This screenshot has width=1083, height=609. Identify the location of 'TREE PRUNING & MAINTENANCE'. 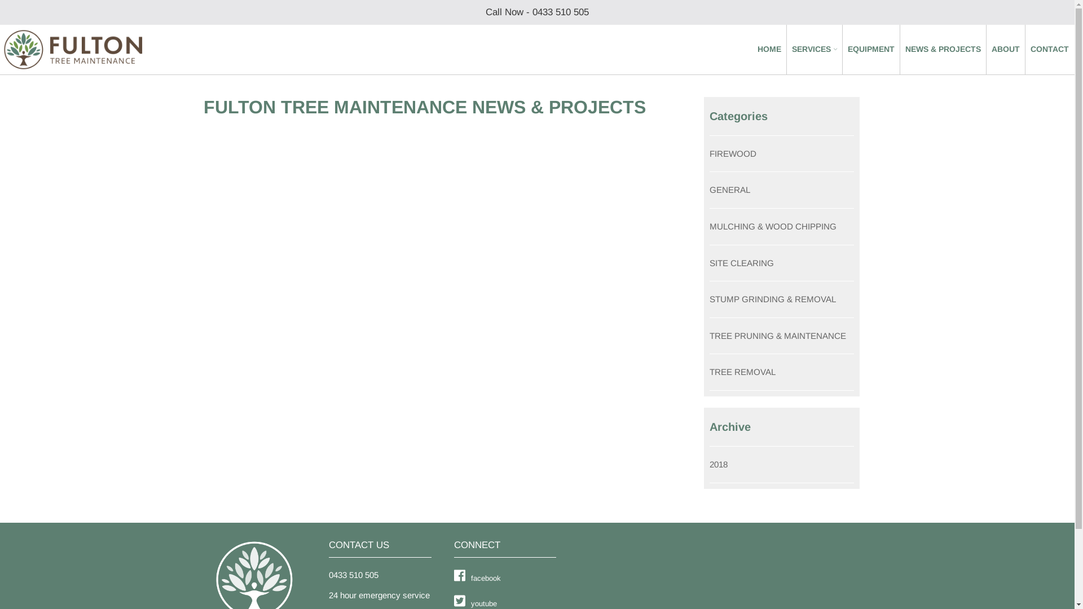
(777, 335).